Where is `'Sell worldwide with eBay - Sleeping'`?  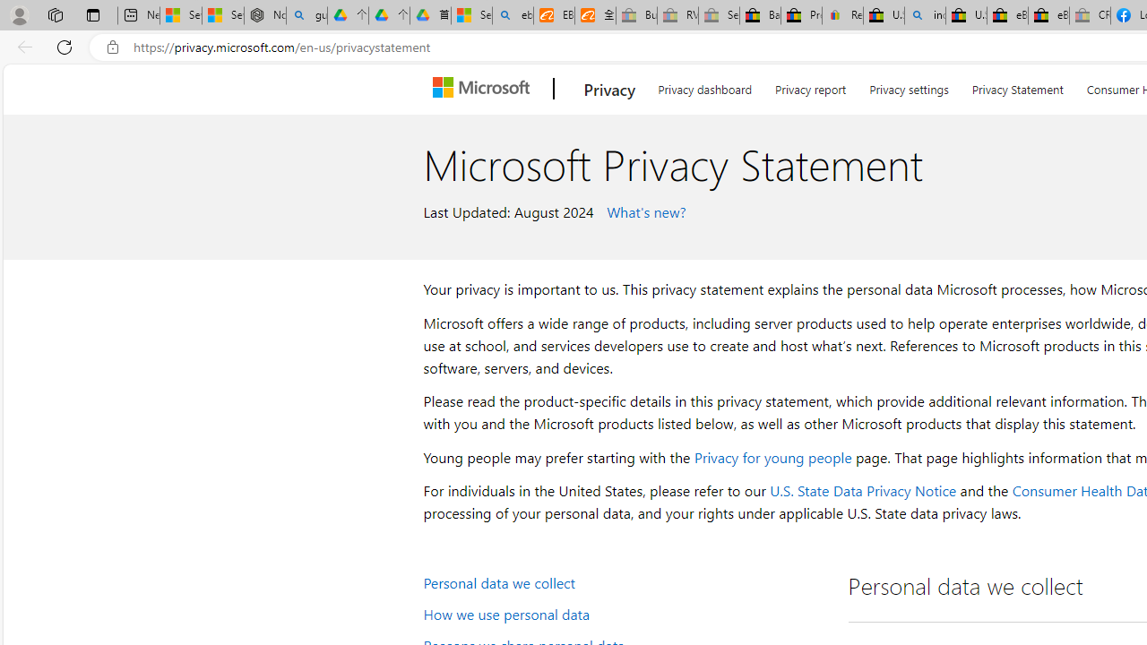
'Sell worldwide with eBay - Sleeping' is located at coordinates (719, 15).